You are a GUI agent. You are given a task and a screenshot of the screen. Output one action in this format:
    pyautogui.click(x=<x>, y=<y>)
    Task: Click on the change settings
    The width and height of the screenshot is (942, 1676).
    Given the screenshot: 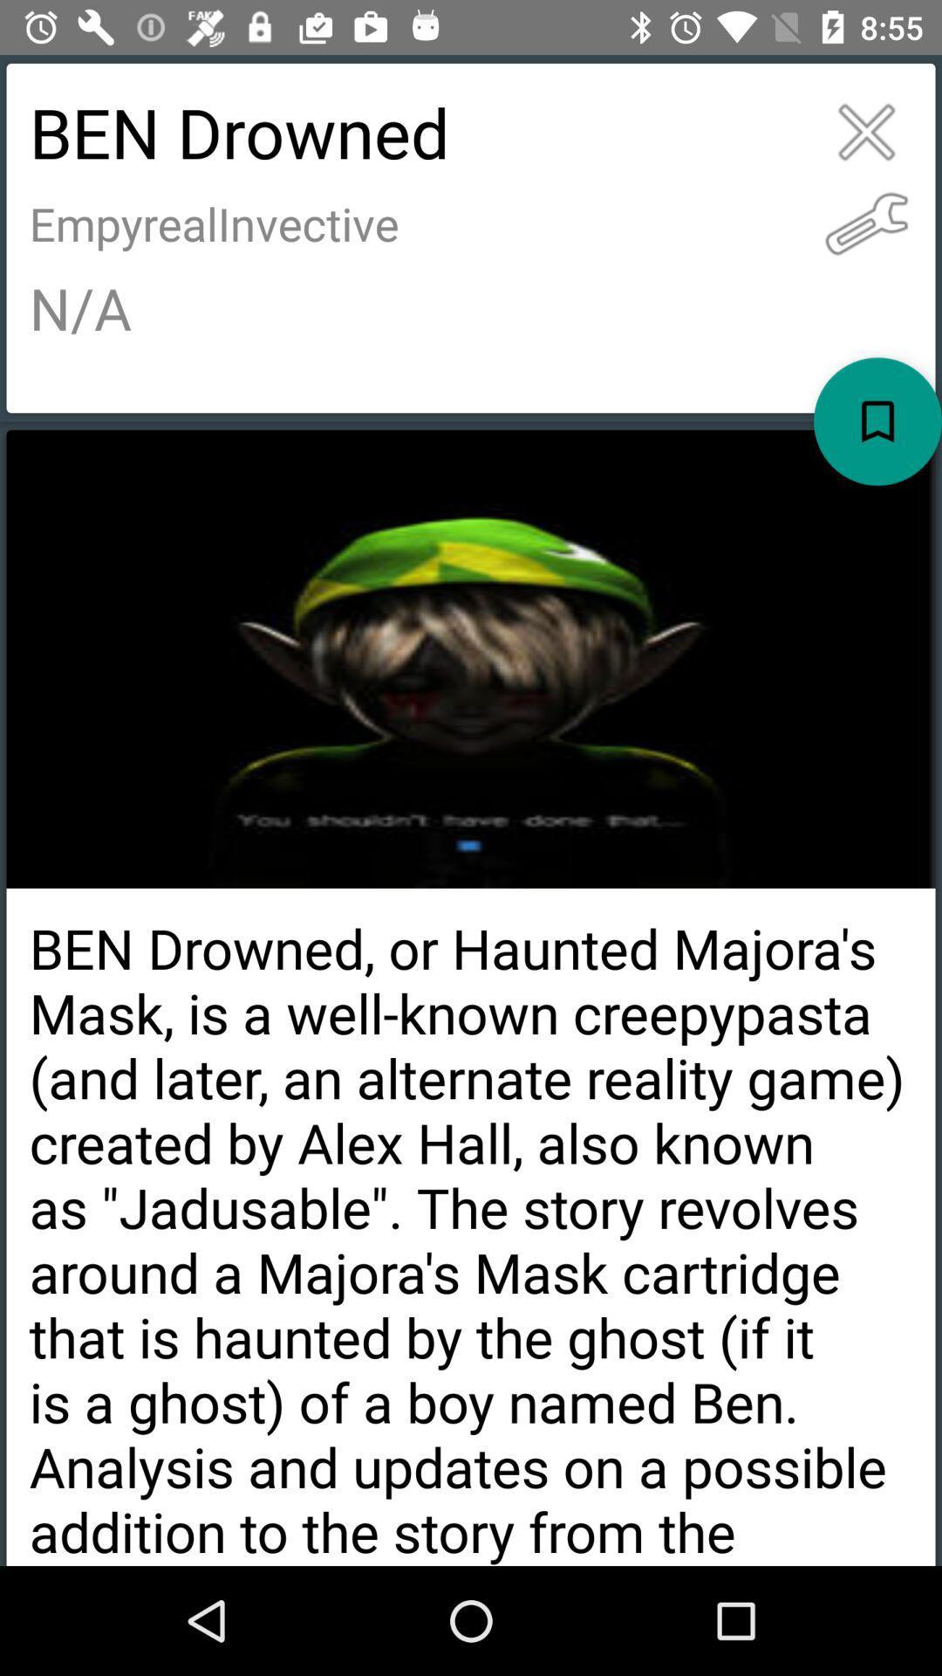 What is the action you would take?
    pyautogui.click(x=866, y=223)
    